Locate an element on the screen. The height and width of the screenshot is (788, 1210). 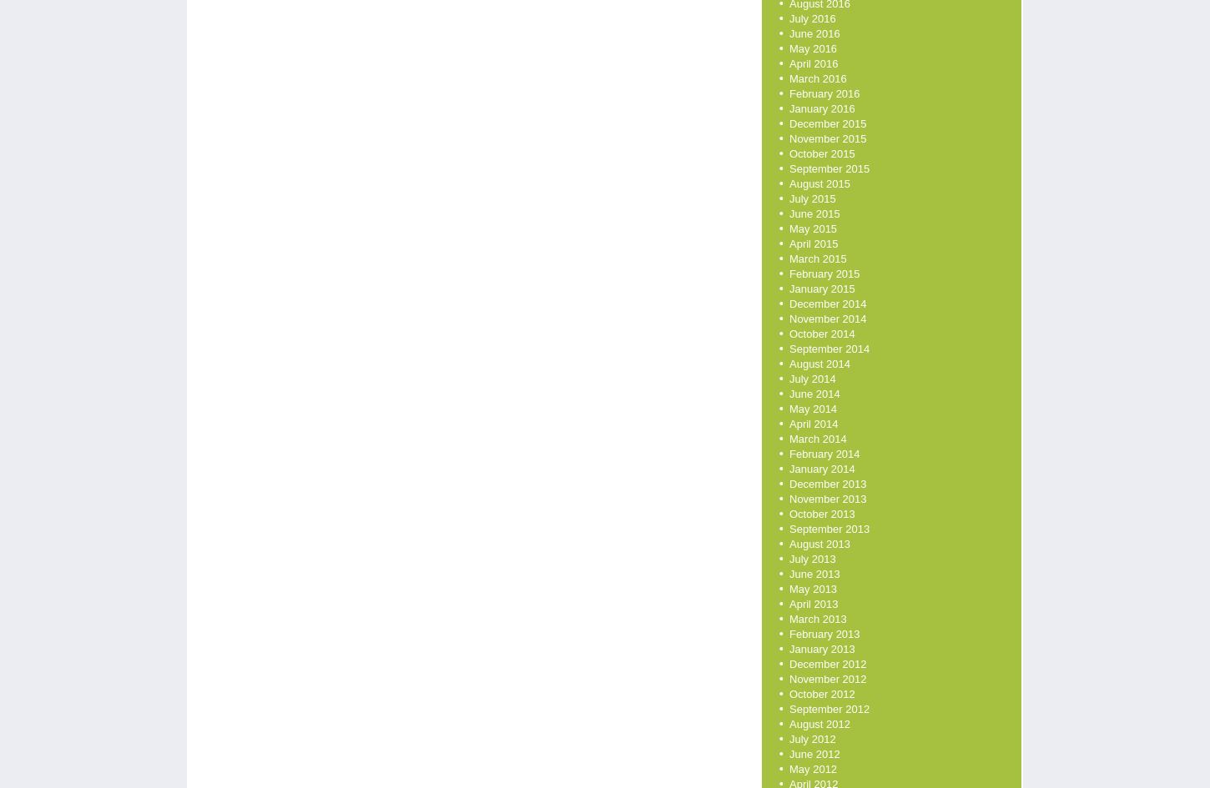
'July 2012' is located at coordinates (812, 738).